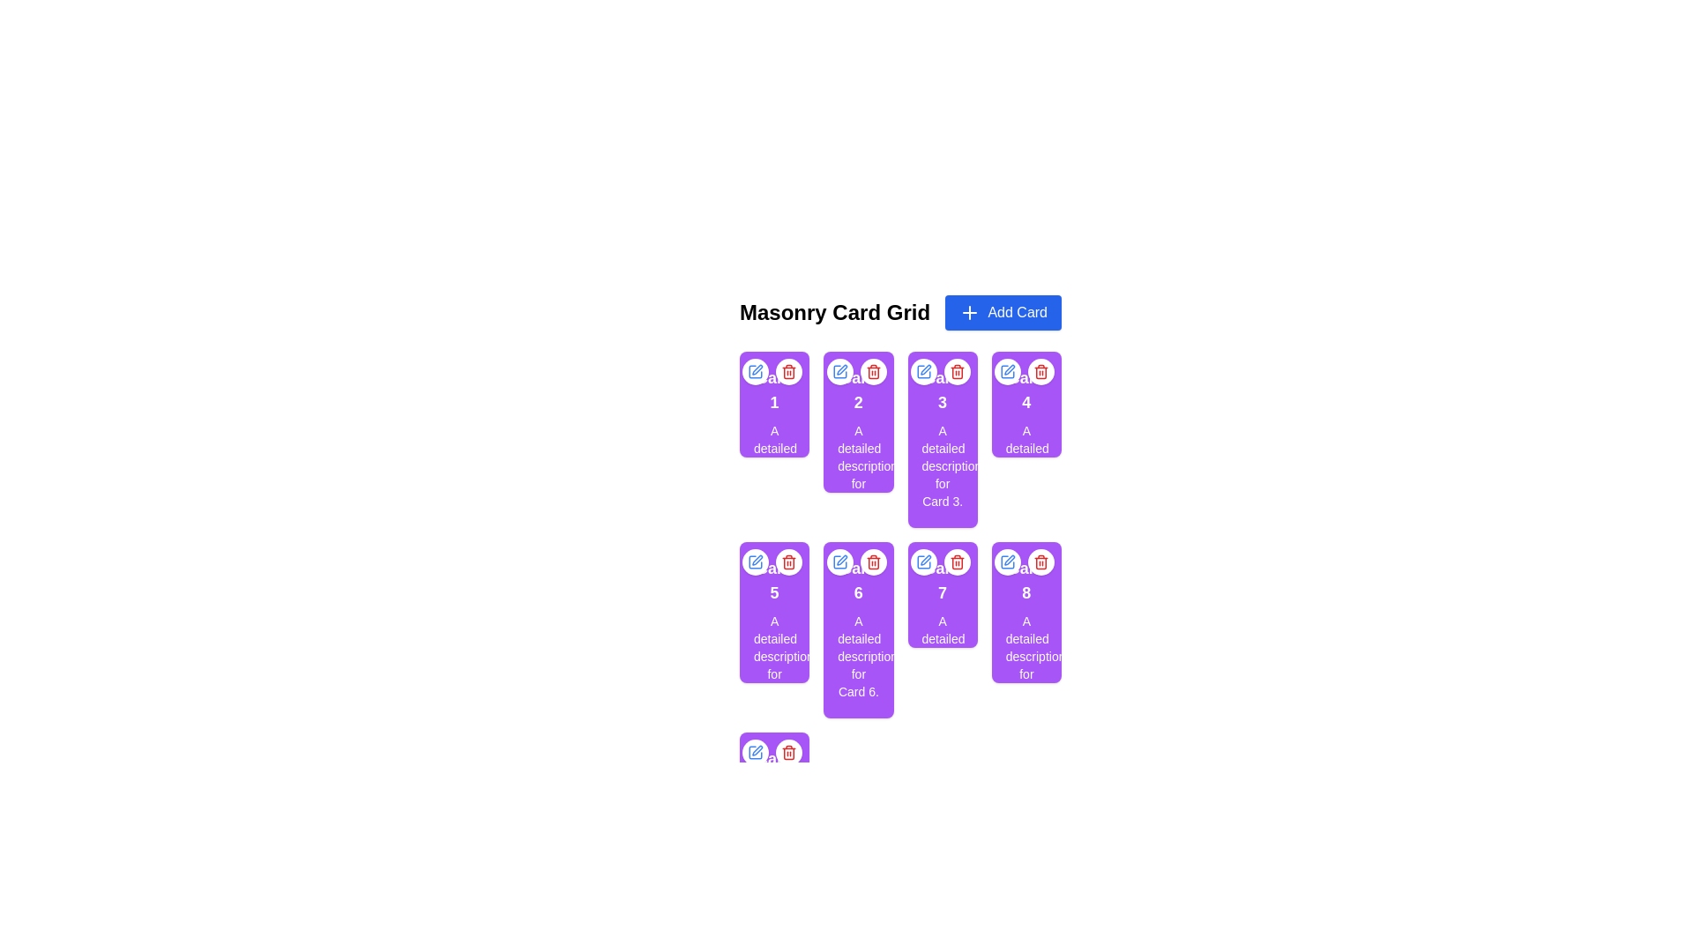 Image resolution: width=1693 pixels, height=952 pixels. I want to click on the leftmost circular edit button located in the top-right corner of the card, so click(756, 752).